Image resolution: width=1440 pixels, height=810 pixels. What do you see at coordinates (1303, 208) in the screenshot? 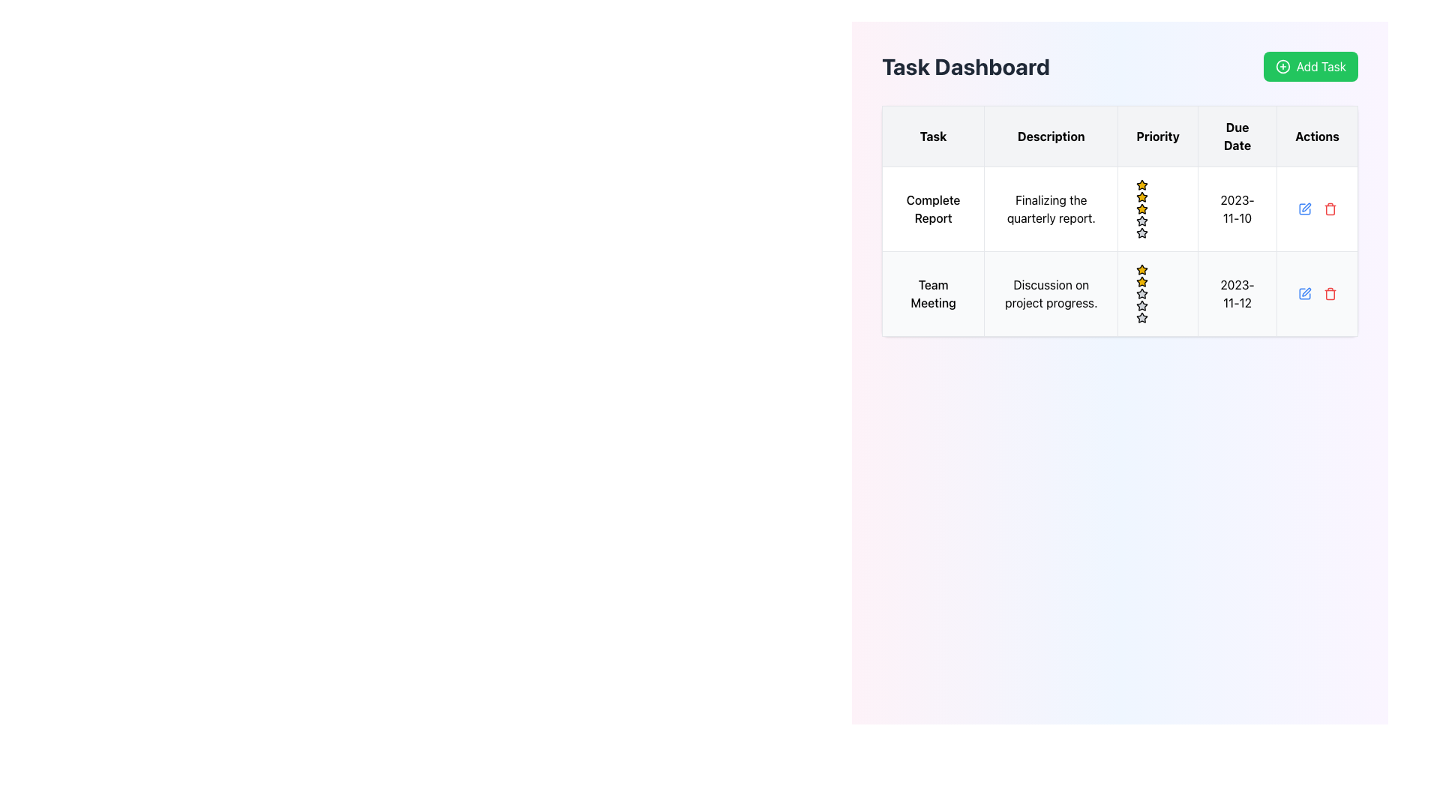
I see `the edit button located in the 'Actions' column of the second row of the table to observe the color change indicating interactivity` at bounding box center [1303, 208].